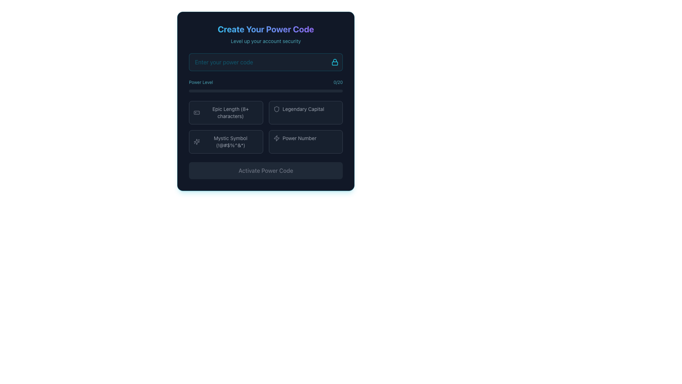 The width and height of the screenshot is (682, 384). What do you see at coordinates (265, 86) in the screenshot?
I see `the progress level of the horizontal progress bar labeled 'Power Level', positioned below the 'Enter your power code' input field and above four buttons for password strength criteria` at bounding box center [265, 86].